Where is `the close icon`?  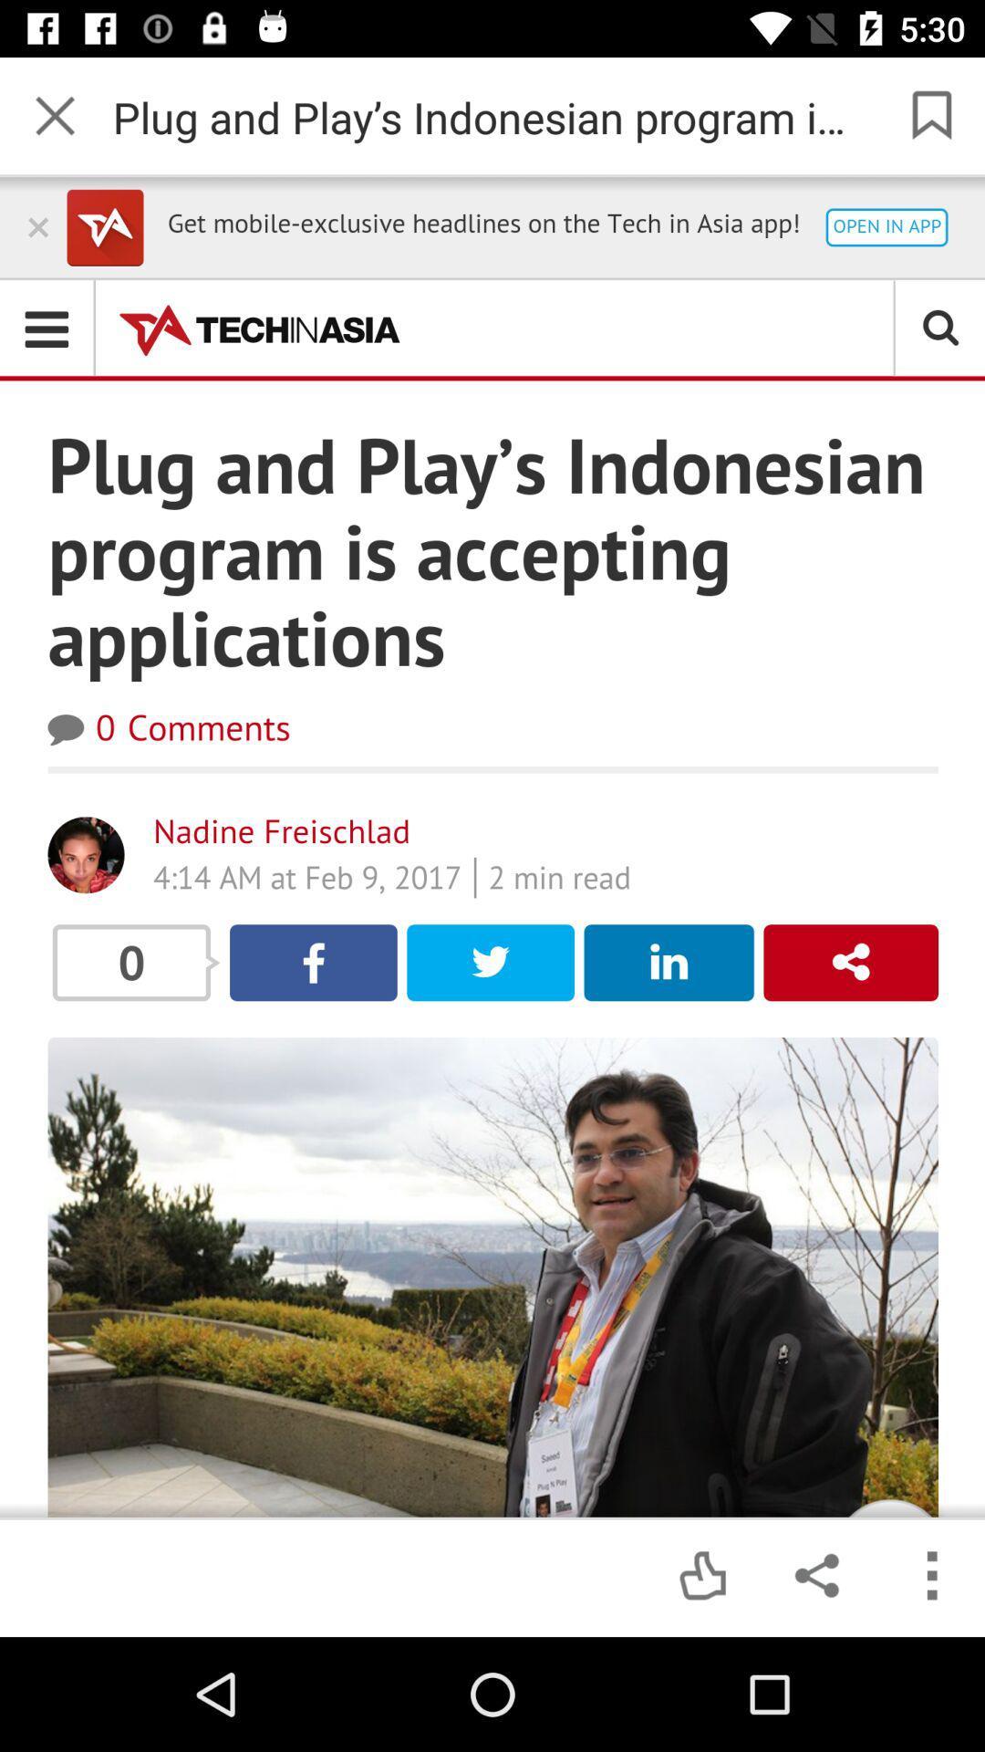 the close icon is located at coordinates (55, 116).